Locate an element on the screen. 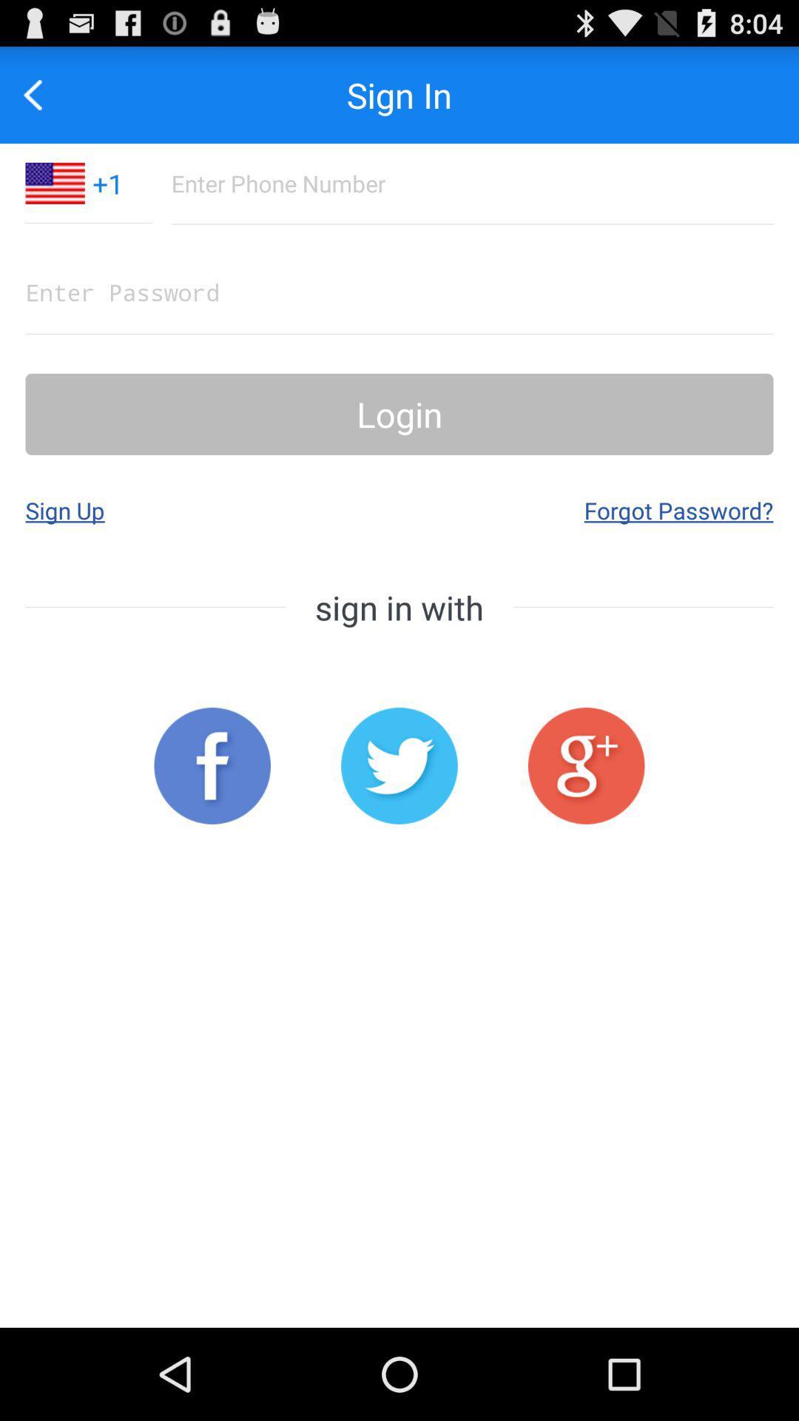 This screenshot has width=799, height=1421. the sign up item is located at coordinates (64, 510).